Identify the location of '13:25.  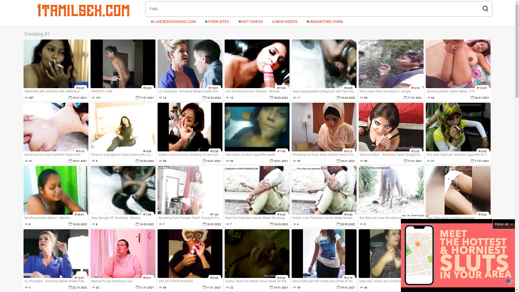
(458, 69).